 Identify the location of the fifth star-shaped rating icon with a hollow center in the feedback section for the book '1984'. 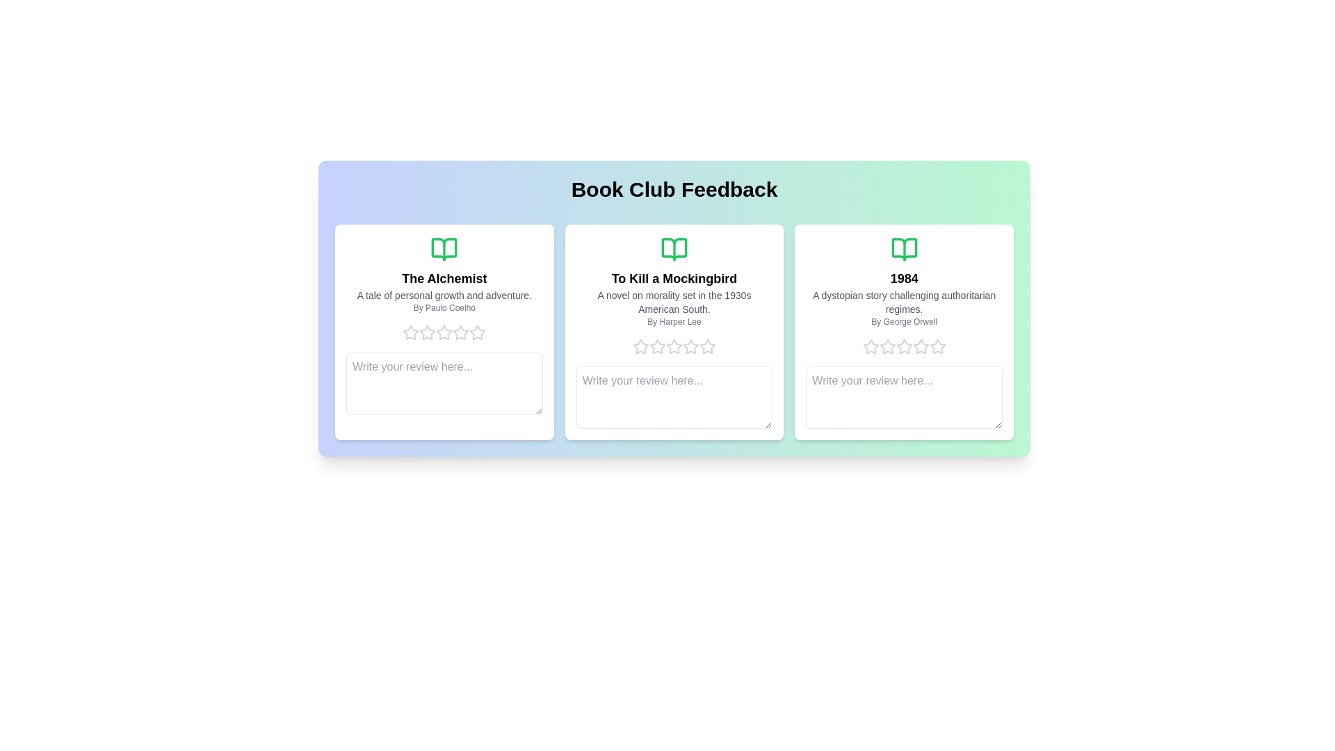
(921, 346).